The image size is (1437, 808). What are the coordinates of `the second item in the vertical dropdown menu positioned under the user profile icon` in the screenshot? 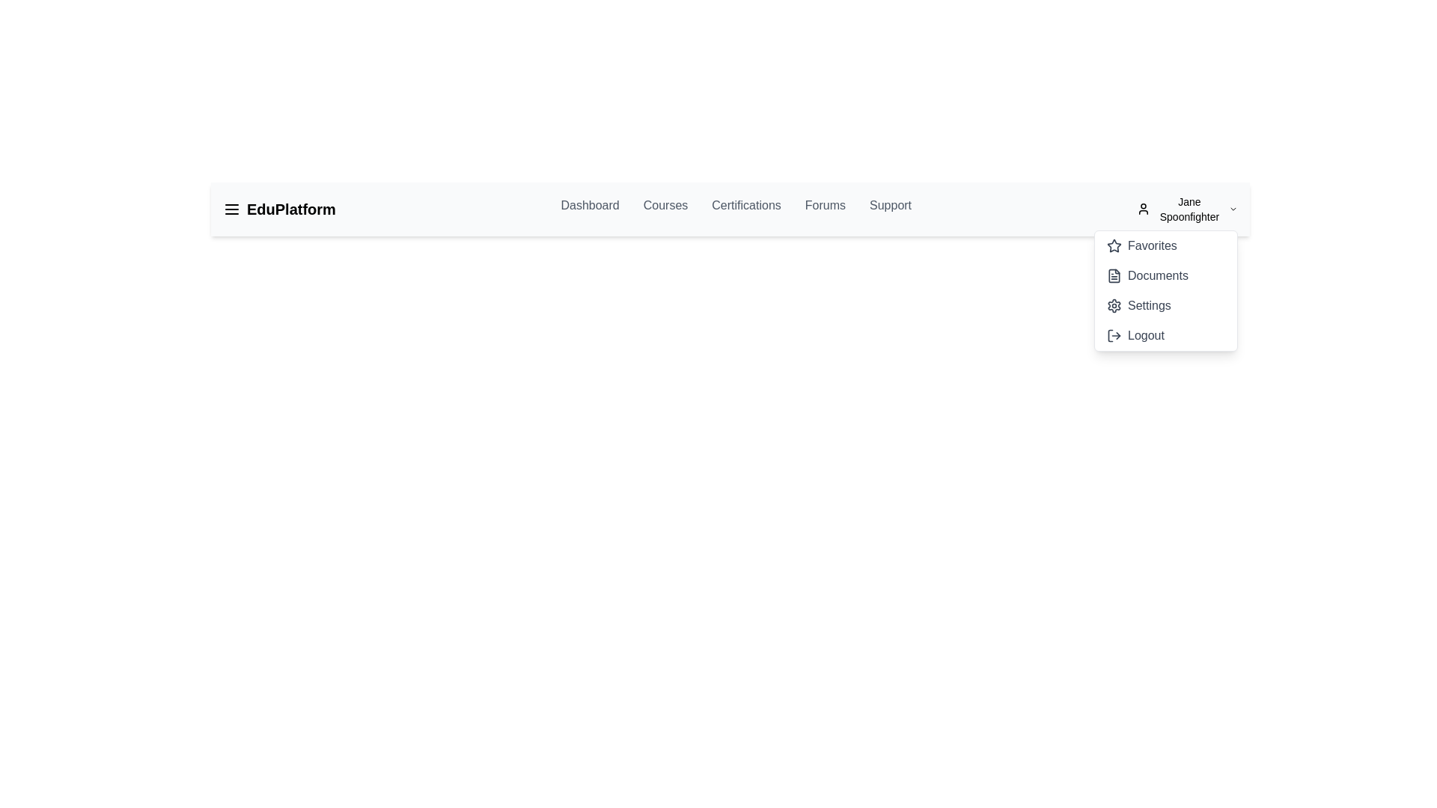 It's located at (1147, 276).